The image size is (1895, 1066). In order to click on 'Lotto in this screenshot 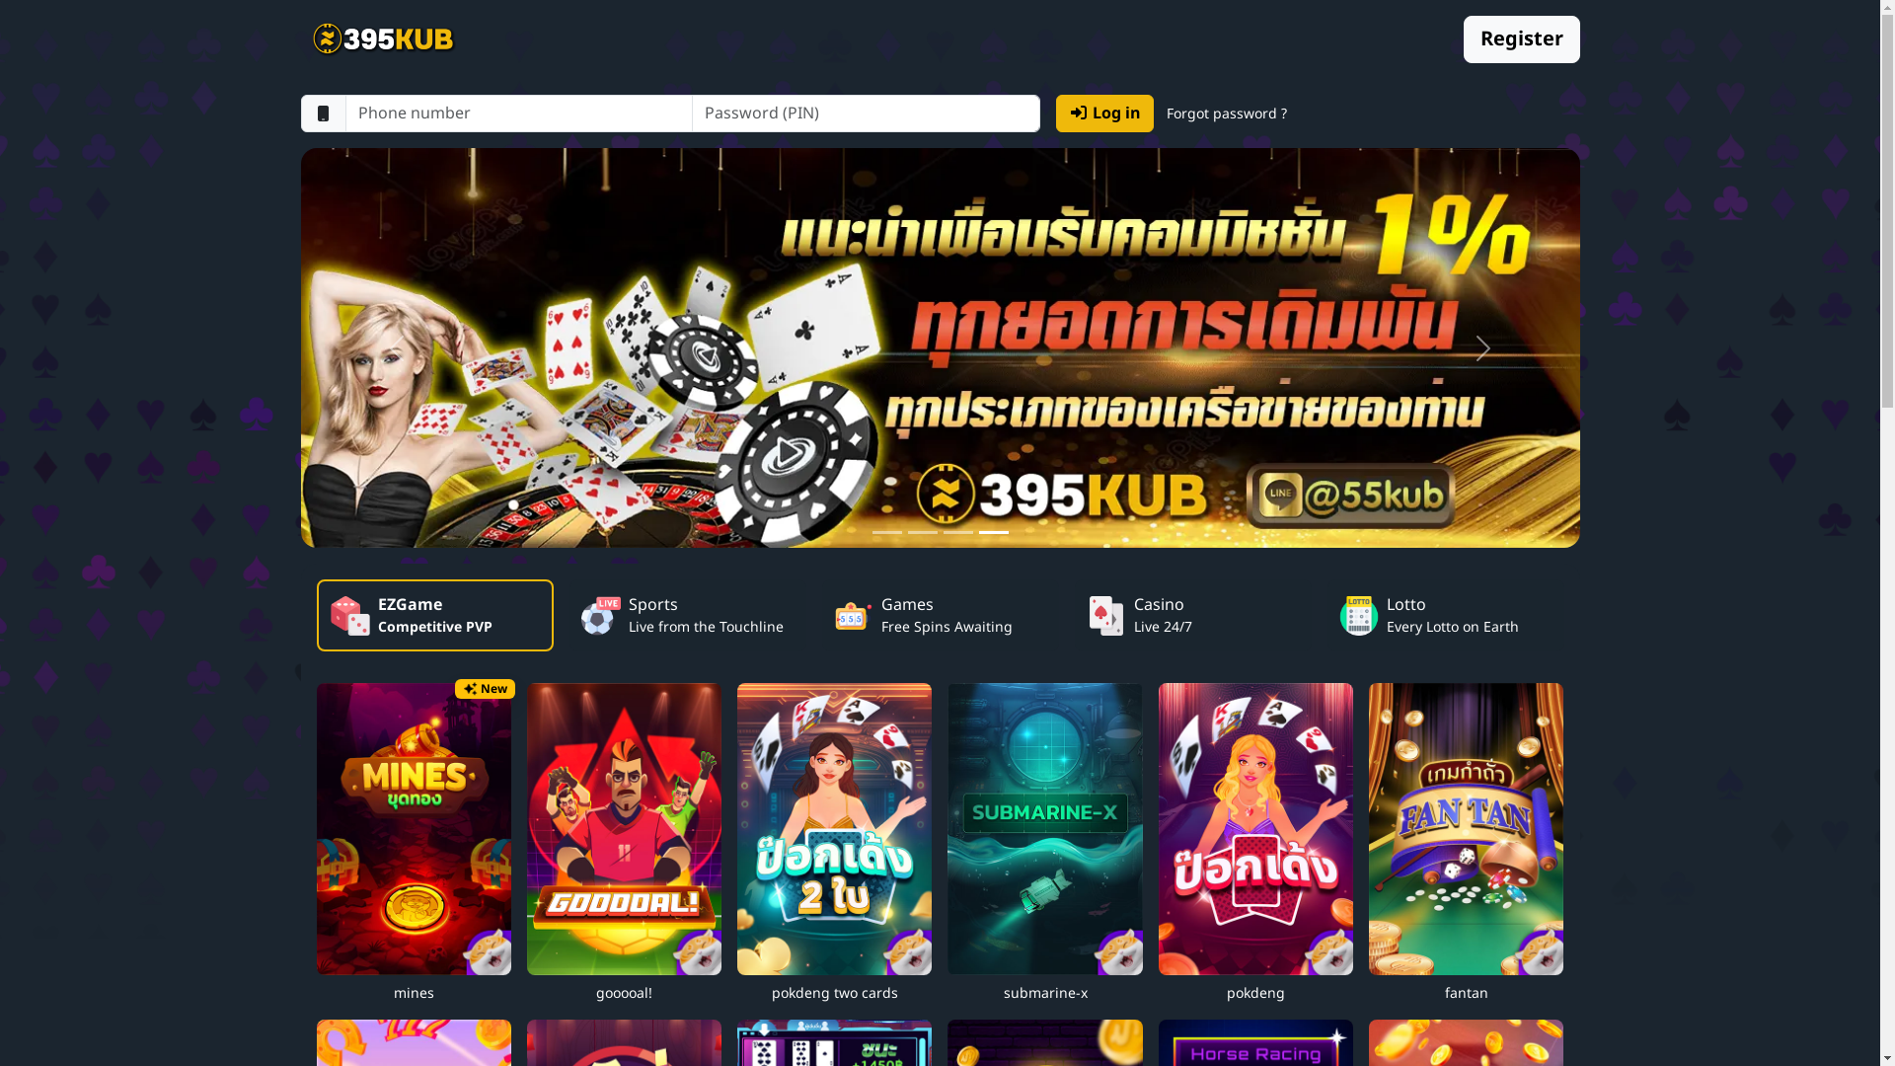, I will do `click(1445, 614)`.